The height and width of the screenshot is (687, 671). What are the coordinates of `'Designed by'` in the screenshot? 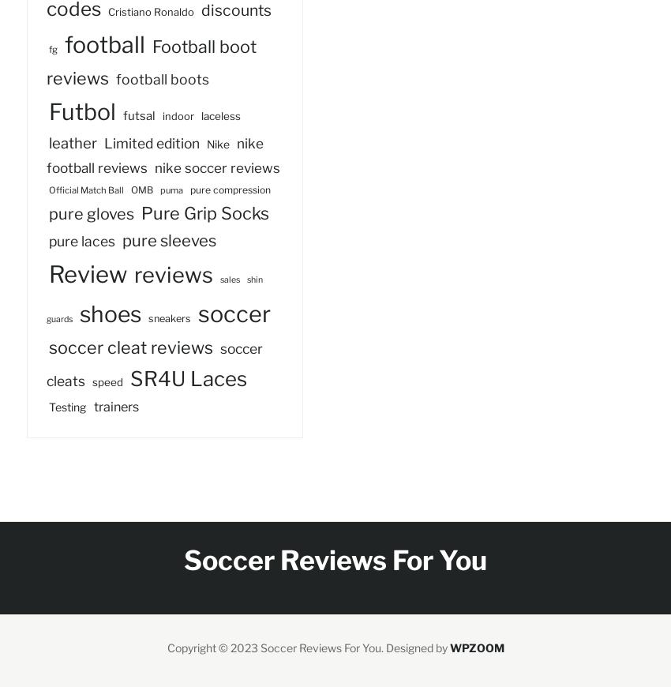 It's located at (416, 648).